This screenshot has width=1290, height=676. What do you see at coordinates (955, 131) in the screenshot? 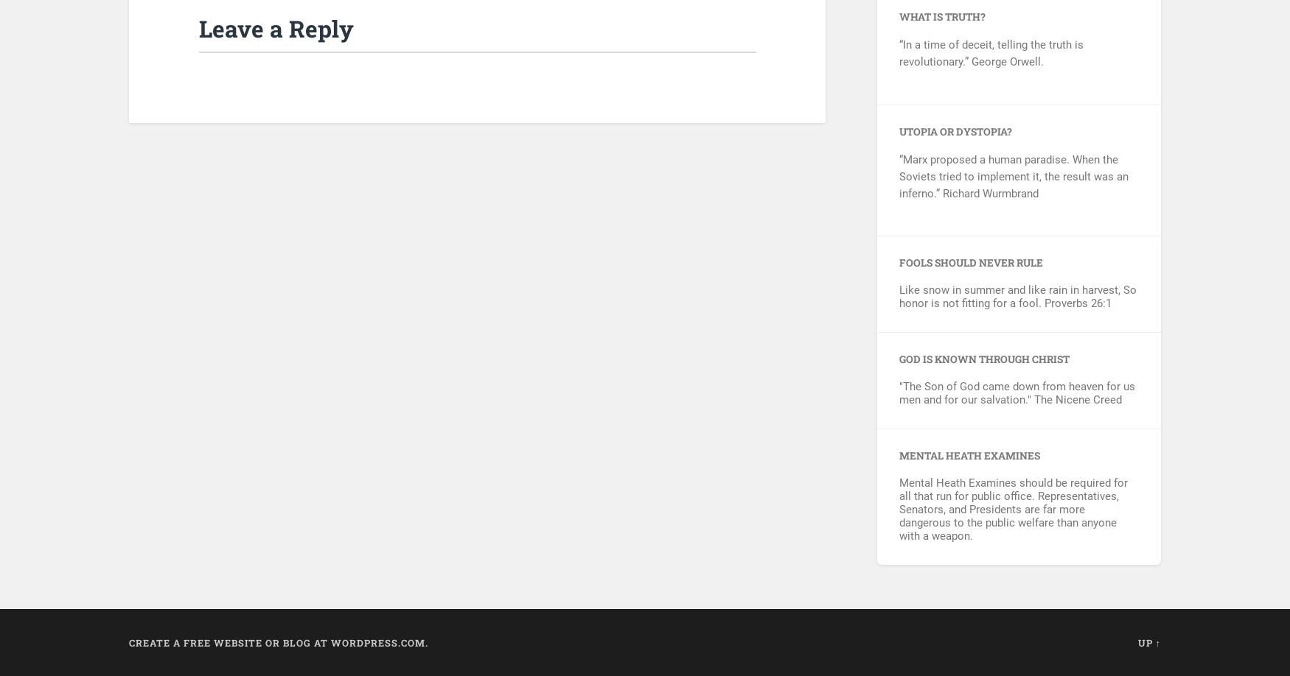
I see `'Utopia or Dystopia?'` at bounding box center [955, 131].